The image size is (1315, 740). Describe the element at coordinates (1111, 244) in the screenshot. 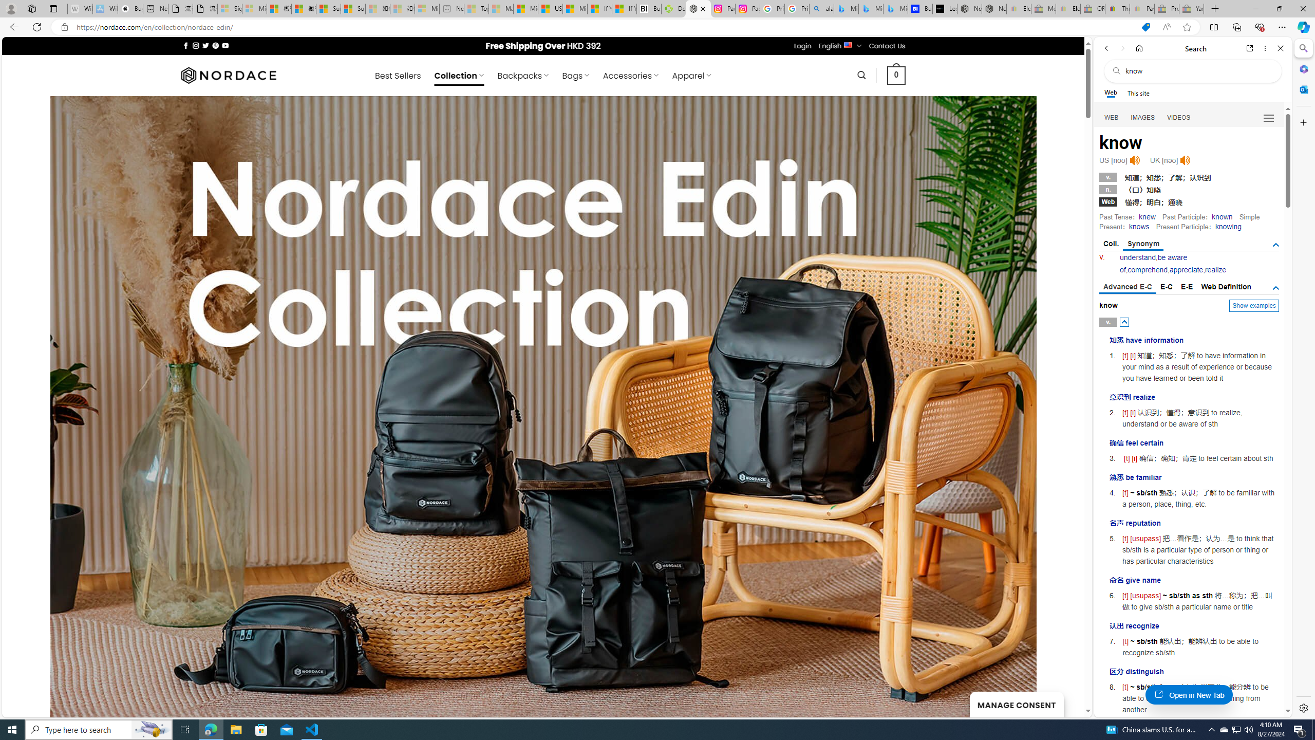

I see `'Coll.'` at that location.